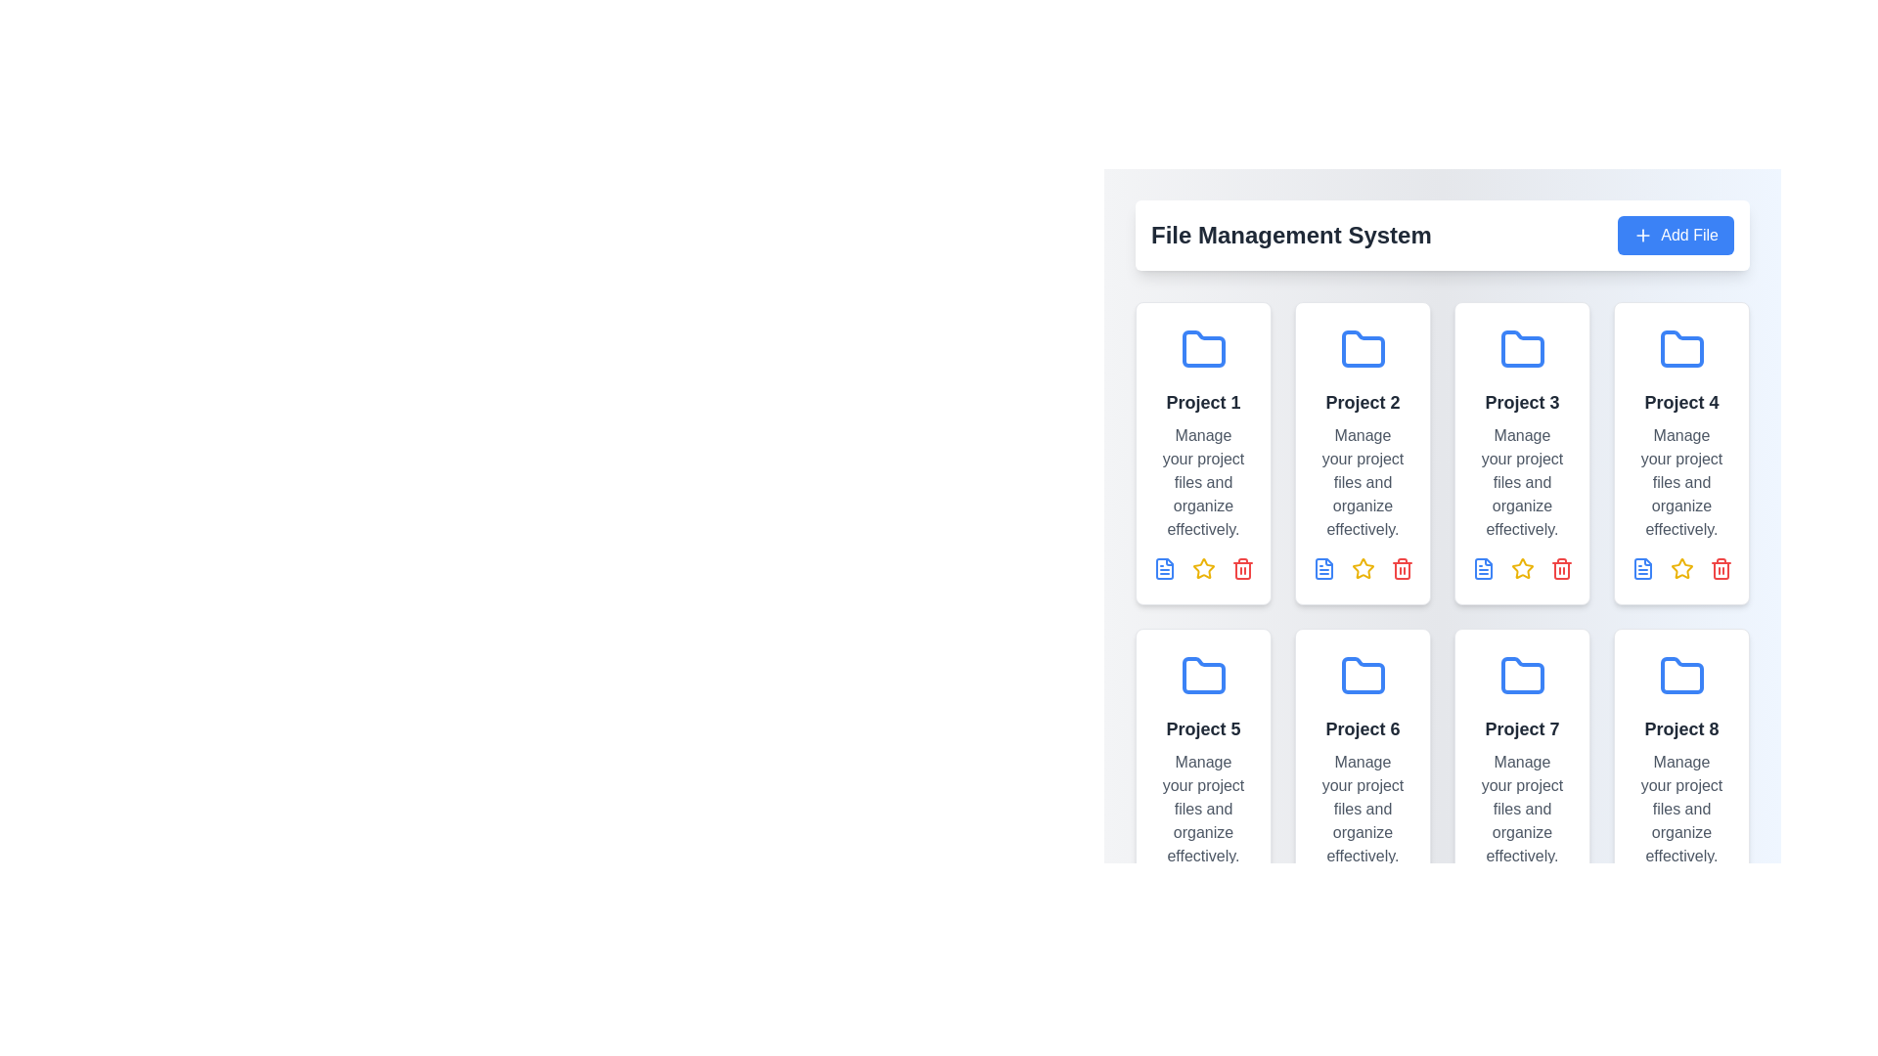 This screenshot has width=1878, height=1056. What do you see at coordinates (1642, 569) in the screenshot?
I see `the graphical file icon located at the top right of the interface within the 'Project 4' card` at bounding box center [1642, 569].